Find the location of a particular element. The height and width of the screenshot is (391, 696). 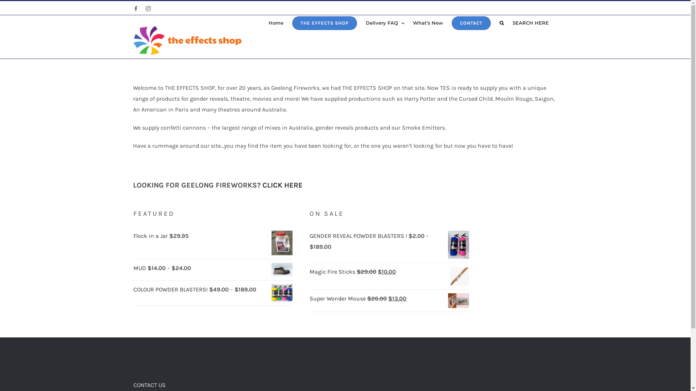

'Search' is located at coordinates (499, 22).